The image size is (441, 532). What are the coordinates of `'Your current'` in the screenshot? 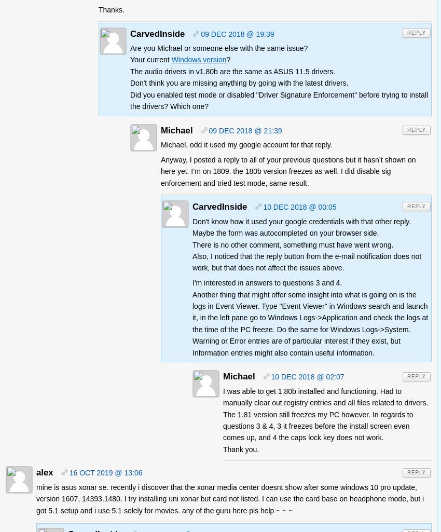 It's located at (130, 60).